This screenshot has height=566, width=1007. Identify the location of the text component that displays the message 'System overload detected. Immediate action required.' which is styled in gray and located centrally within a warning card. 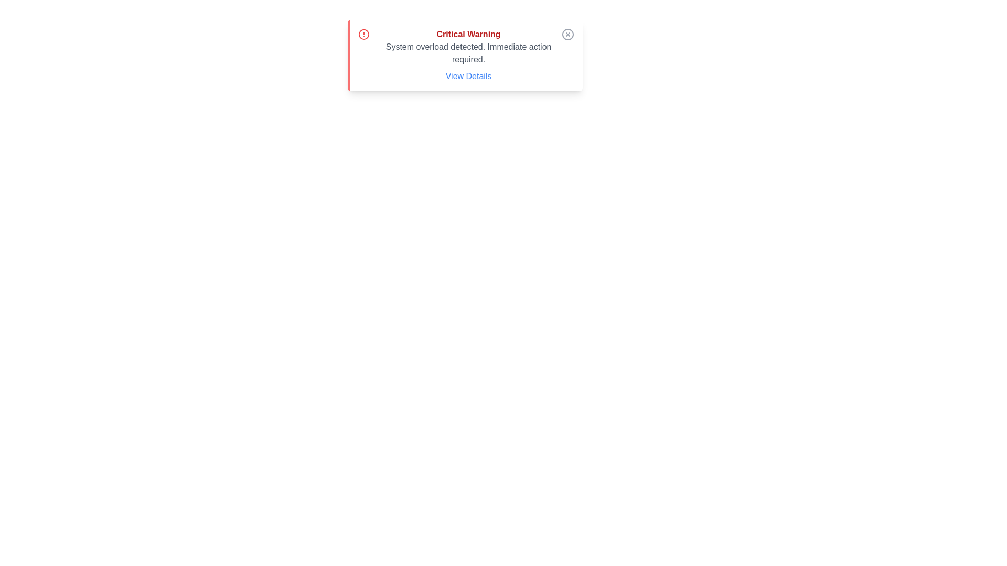
(468, 53).